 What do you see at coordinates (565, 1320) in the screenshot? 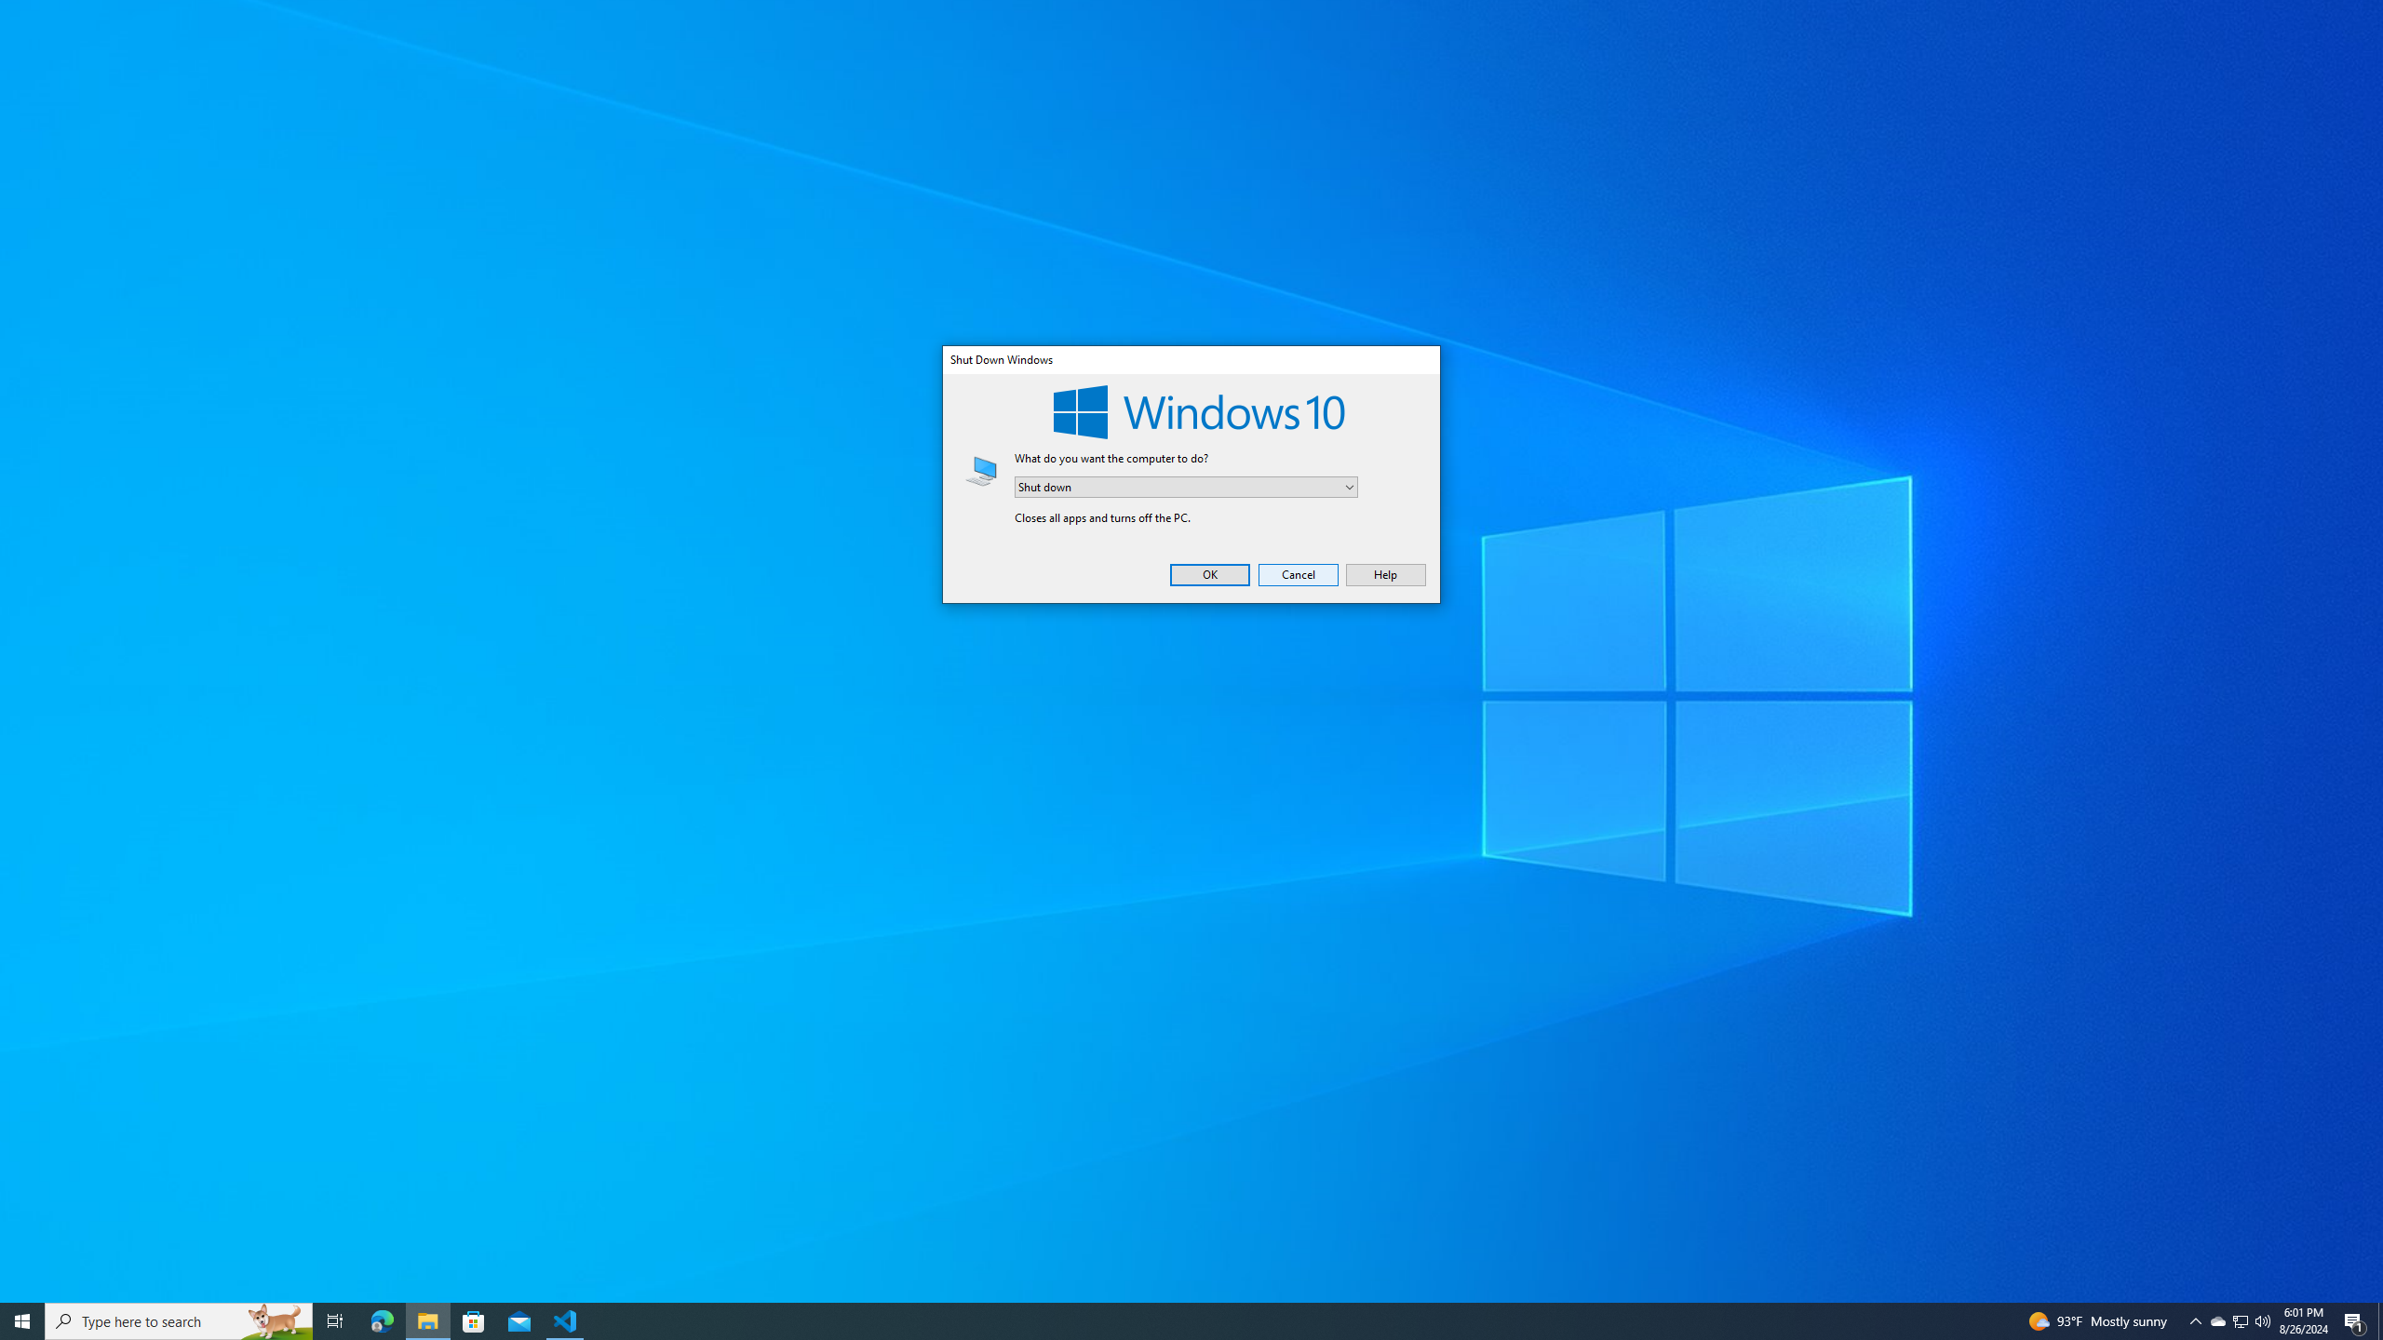
I see `'Visual Studio Code - 1 running window'` at bounding box center [565, 1320].